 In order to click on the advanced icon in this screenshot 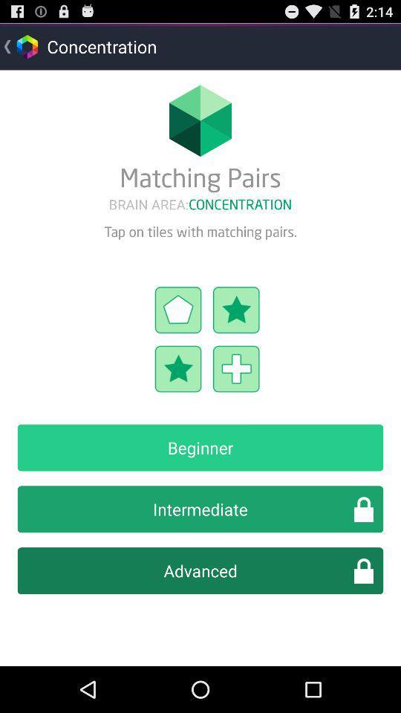, I will do `click(200, 570)`.